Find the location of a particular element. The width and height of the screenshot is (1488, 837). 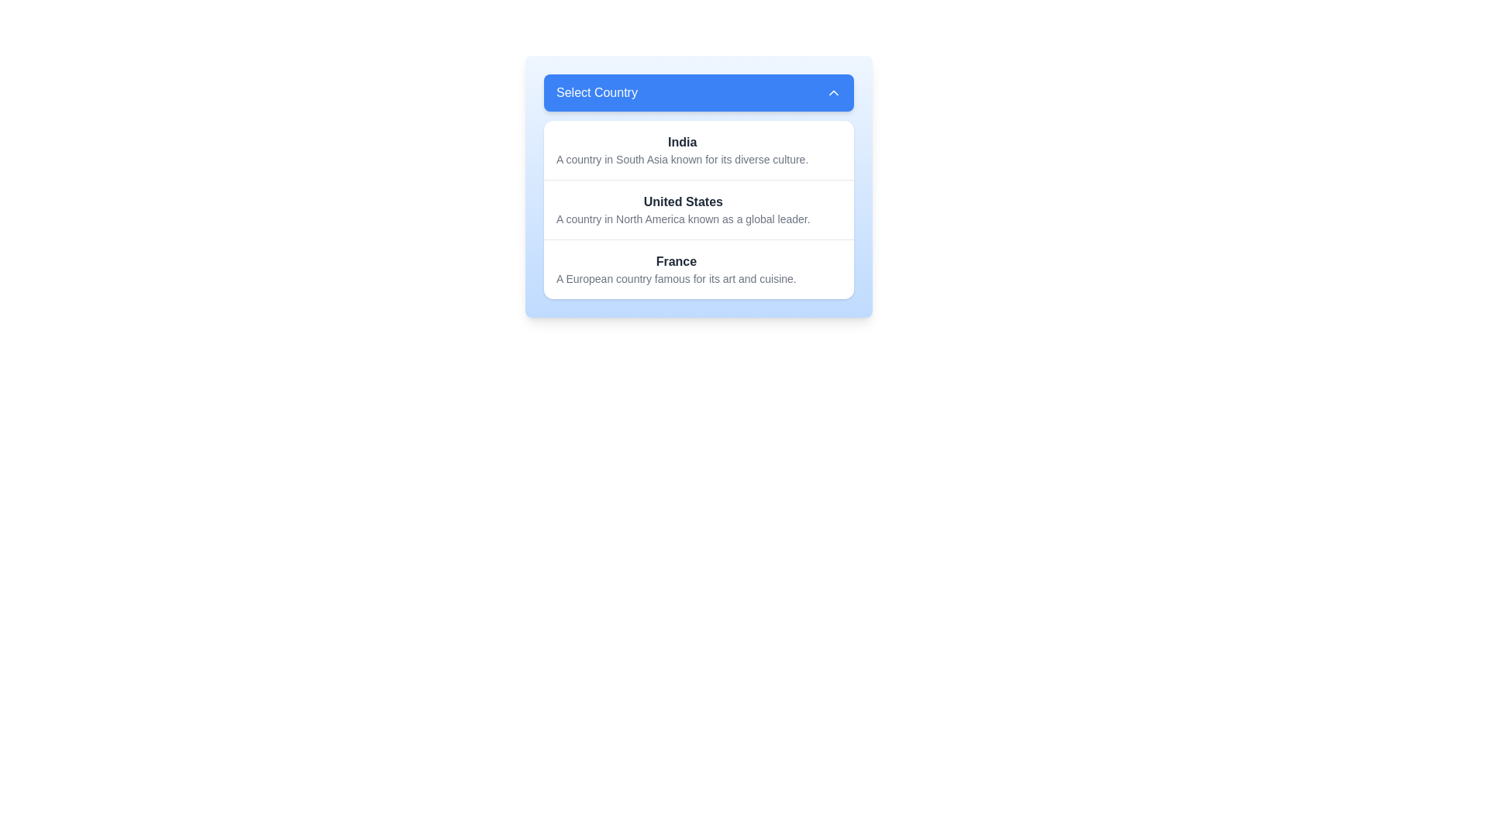

the second list item in the dropdown menu that displays information about the United States, positioned between 'India' and 'France' is located at coordinates (698, 209).